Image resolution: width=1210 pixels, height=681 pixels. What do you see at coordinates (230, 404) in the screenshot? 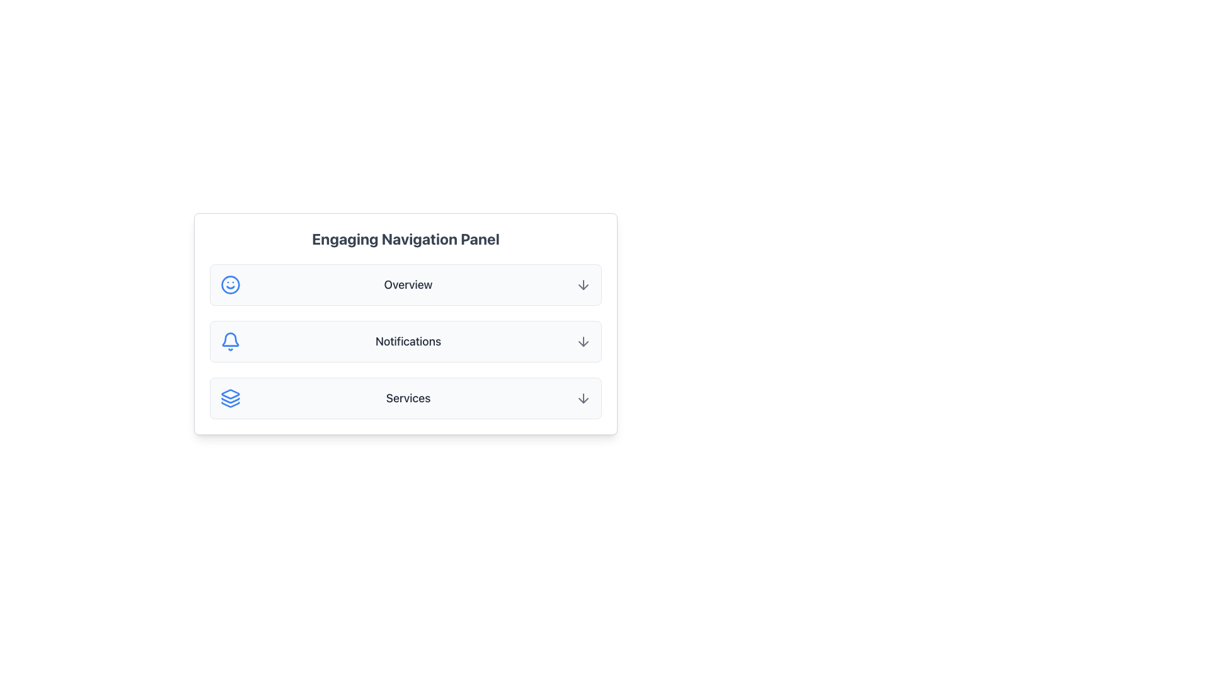
I see `the 'Services' icon button located in the bottom option row of the navigation panel` at bounding box center [230, 404].